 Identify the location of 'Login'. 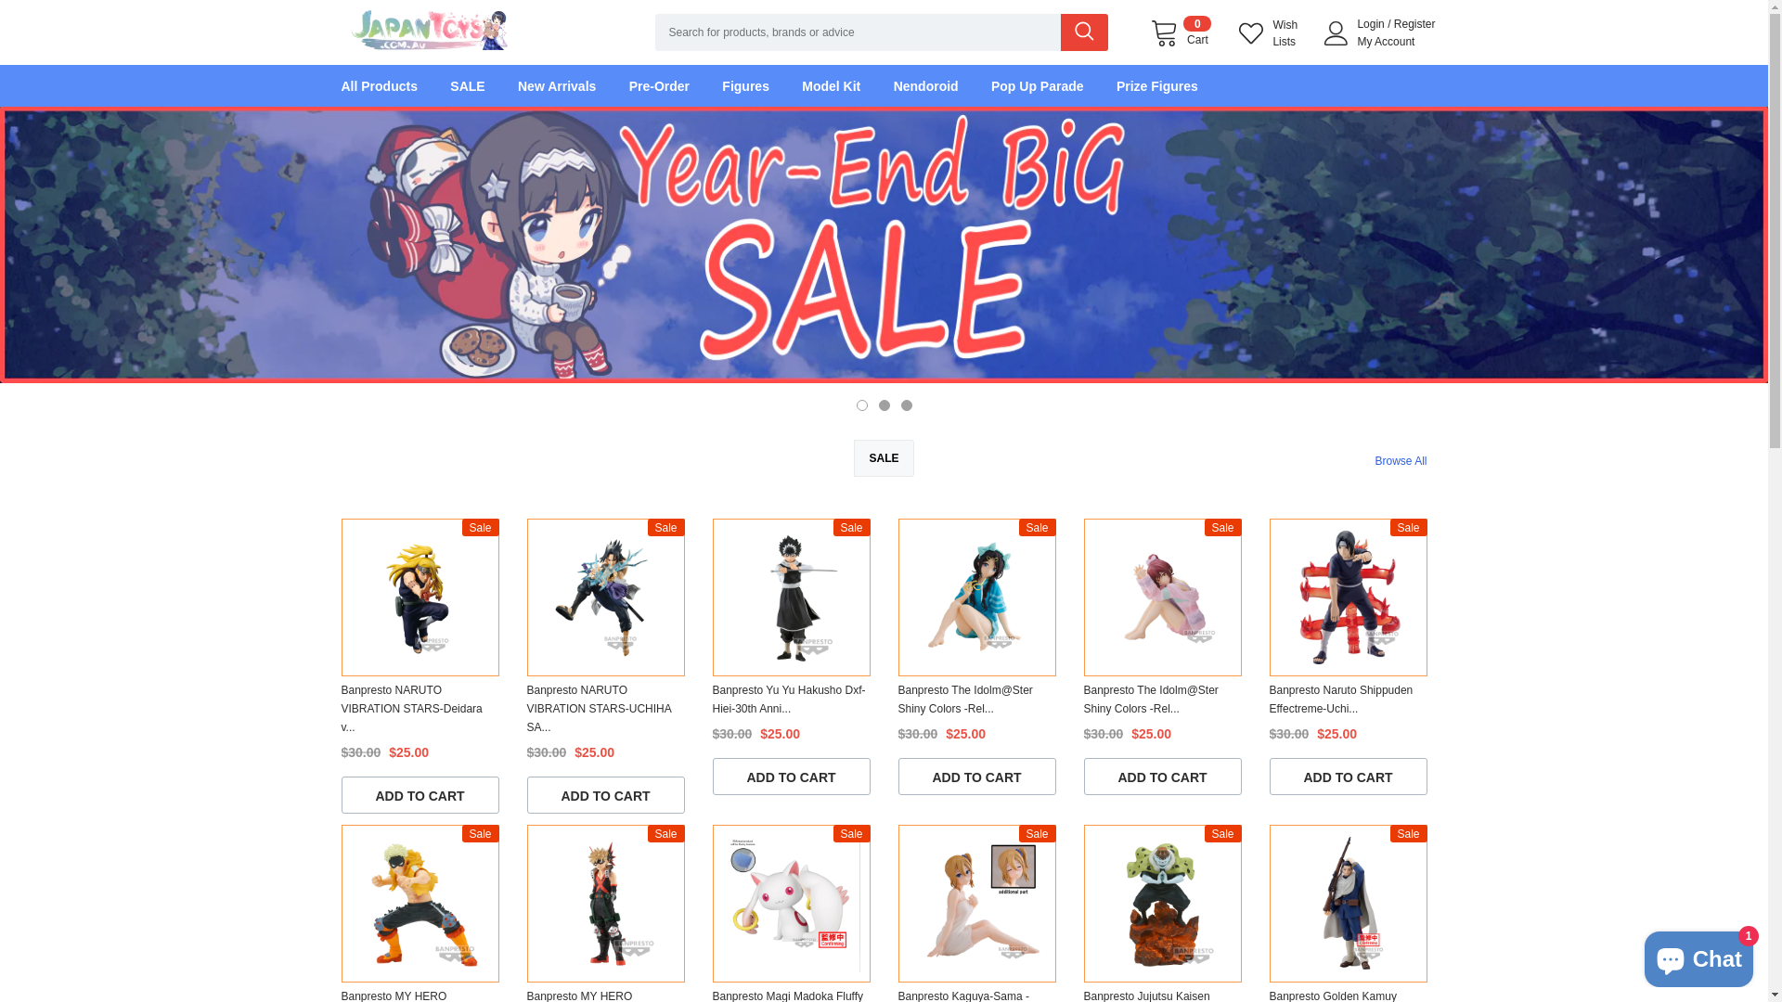
(1372, 24).